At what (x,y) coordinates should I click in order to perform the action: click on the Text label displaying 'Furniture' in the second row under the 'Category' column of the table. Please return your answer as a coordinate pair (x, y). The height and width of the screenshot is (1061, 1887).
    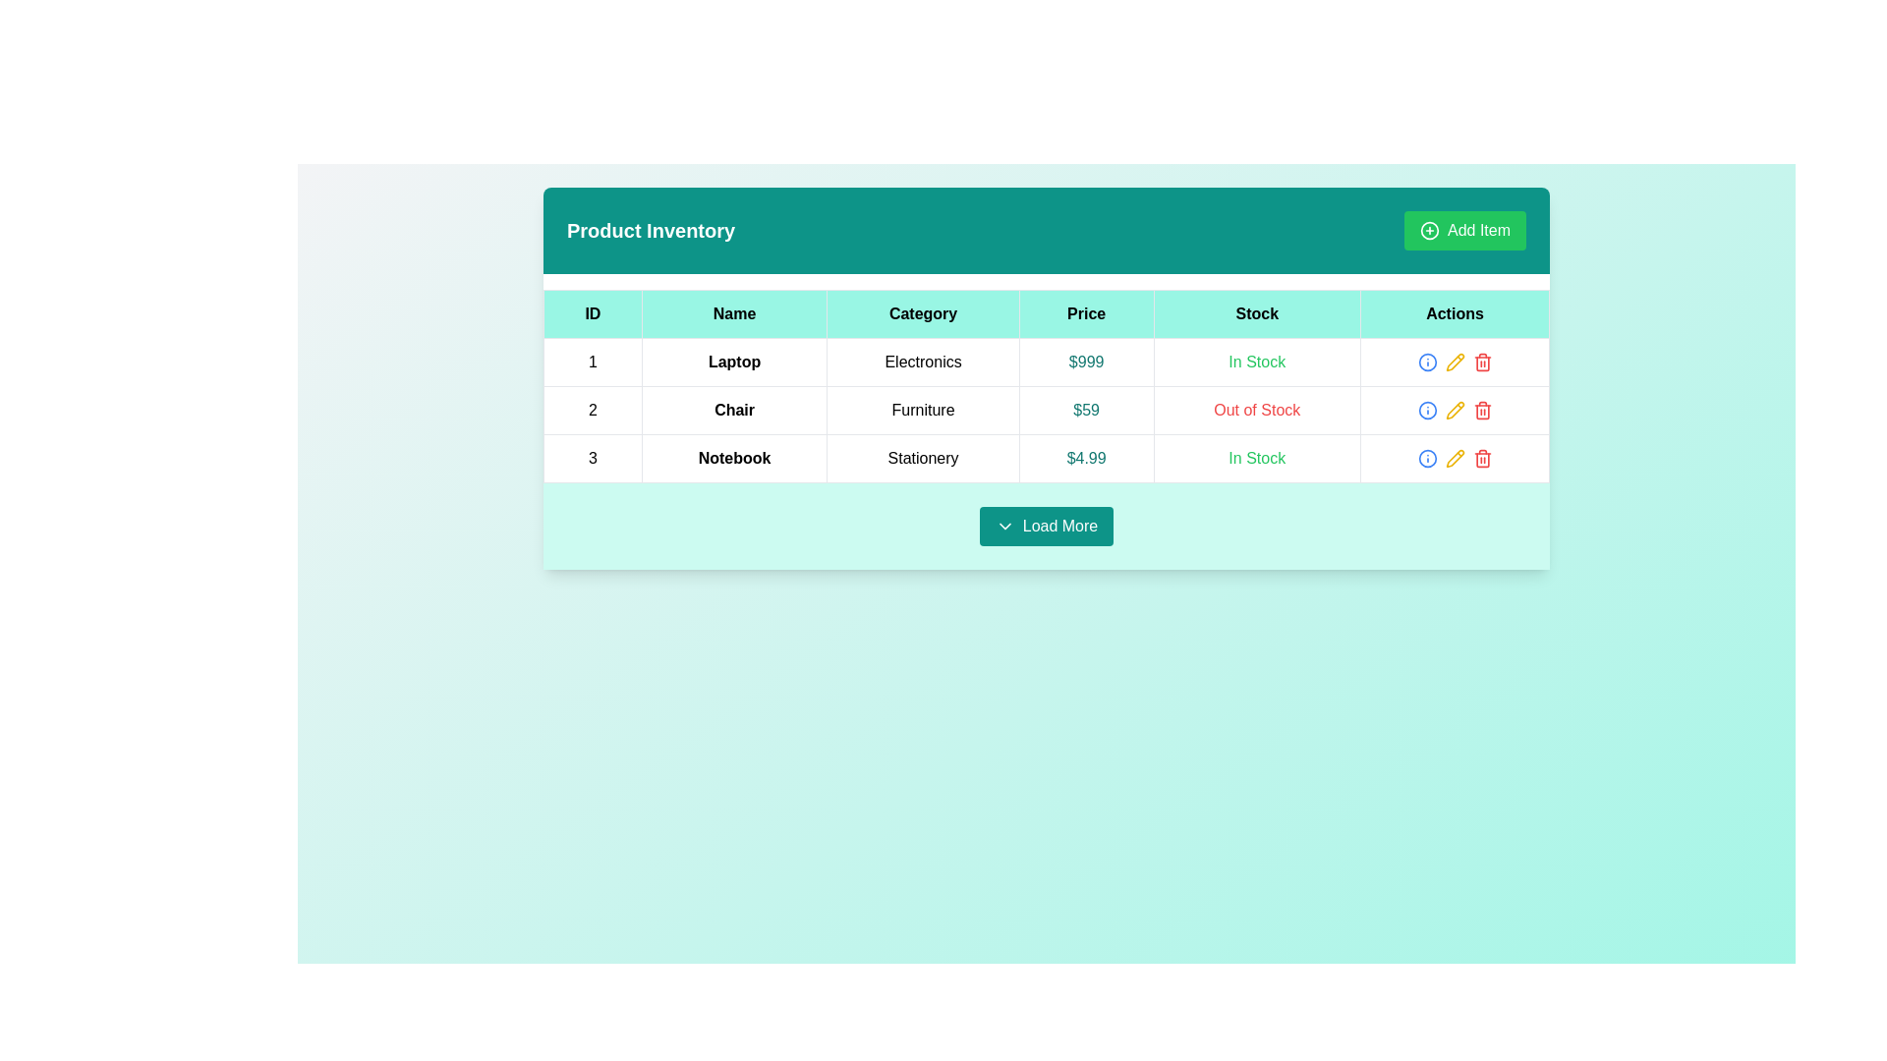
    Looking at the image, I should click on (922, 409).